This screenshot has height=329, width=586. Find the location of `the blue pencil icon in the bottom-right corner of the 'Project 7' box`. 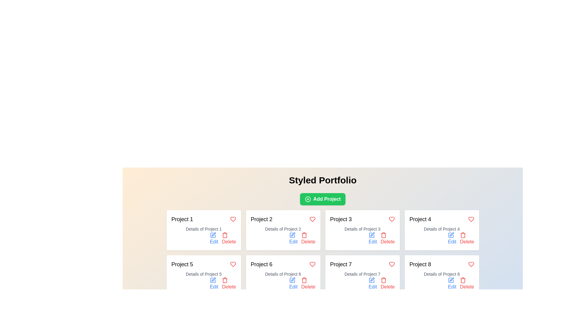

the blue pencil icon in the bottom-right corner of the 'Project 7' box is located at coordinates (371, 280).